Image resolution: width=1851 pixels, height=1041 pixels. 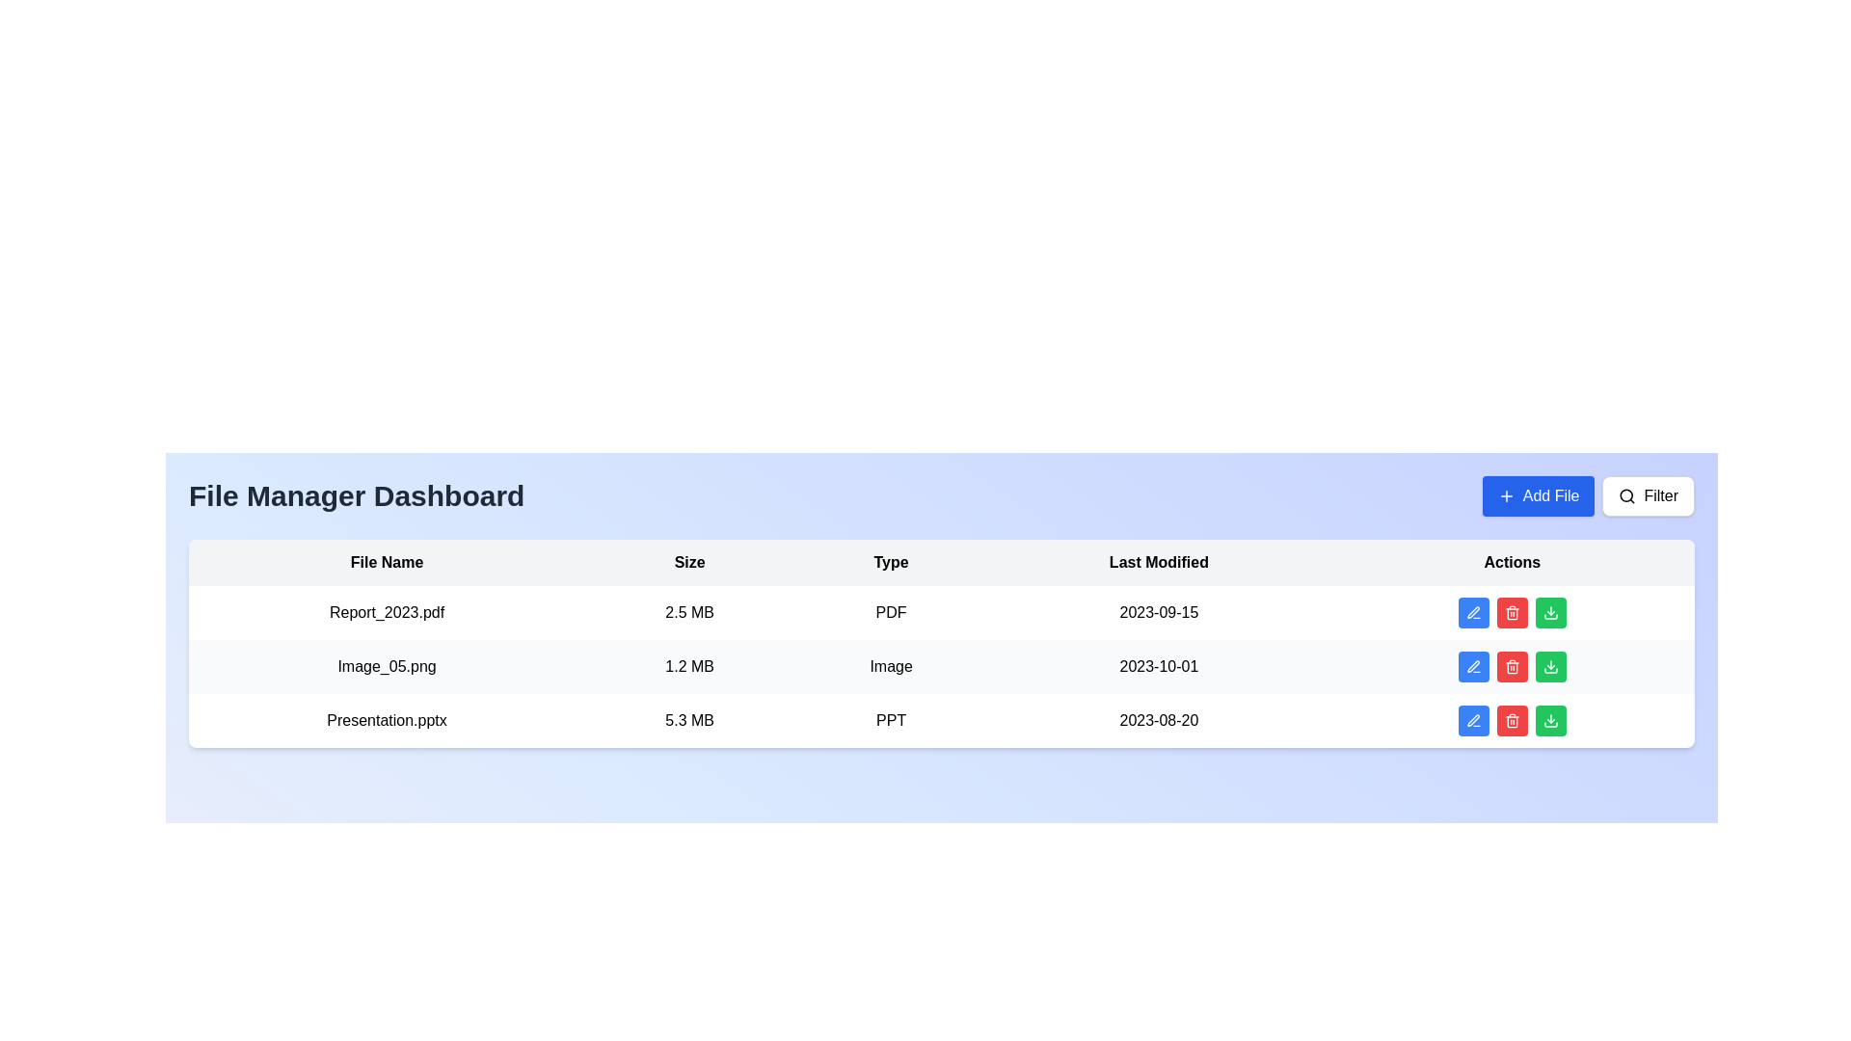 What do you see at coordinates (942, 613) in the screenshot?
I see `the first row of the table in the File Manager Dashboard that displays the file's metadata, located above 'Image_05.png'` at bounding box center [942, 613].